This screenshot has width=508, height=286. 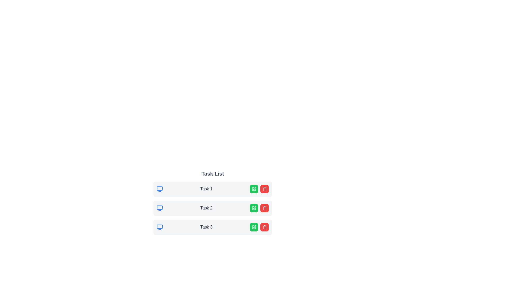 I want to click on the text label displaying 'Task 1' which is styled in dark gray and positioned in the first task row of the vertically arranged task list, so click(x=206, y=189).